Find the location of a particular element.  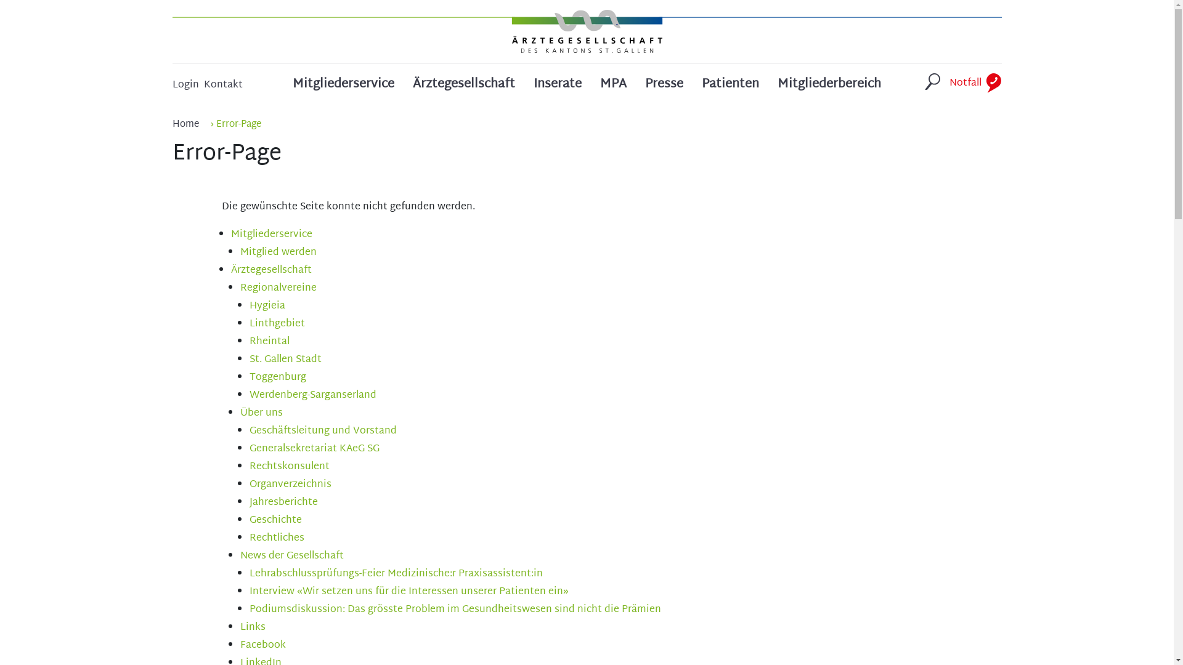

'Jahresberichte' is located at coordinates (282, 502).